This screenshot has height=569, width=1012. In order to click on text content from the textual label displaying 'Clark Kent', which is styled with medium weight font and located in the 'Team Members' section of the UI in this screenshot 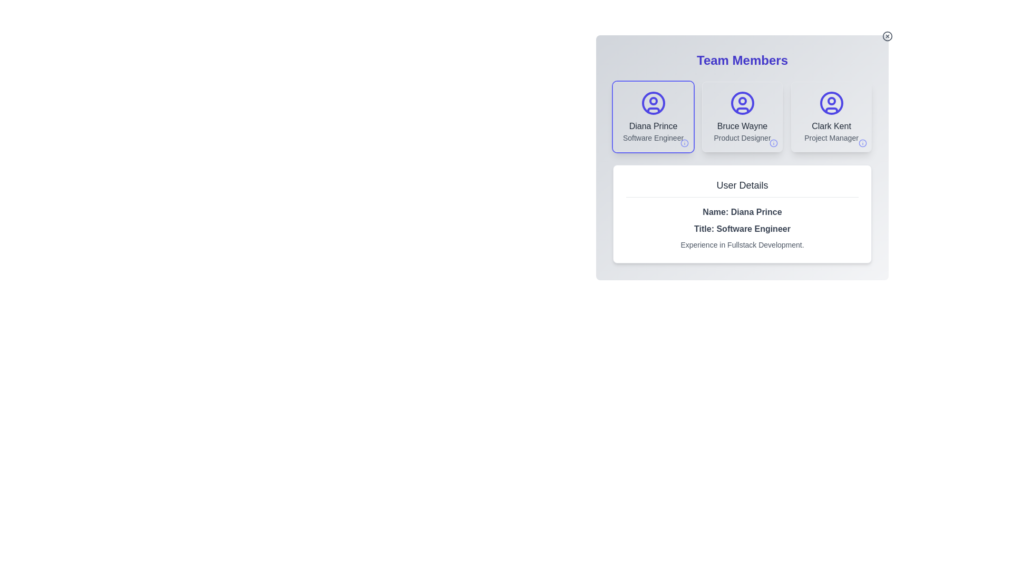, I will do `click(831, 125)`.